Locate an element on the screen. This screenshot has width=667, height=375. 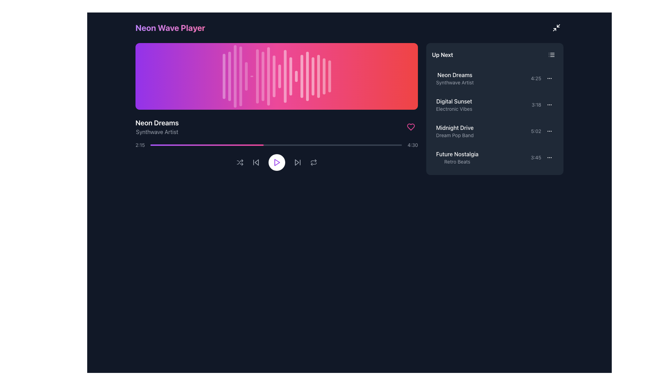
the duration information displayed in the text label located to the right of the 'Midnight Drive' song title within the 'Up Next' list is located at coordinates (536, 131).